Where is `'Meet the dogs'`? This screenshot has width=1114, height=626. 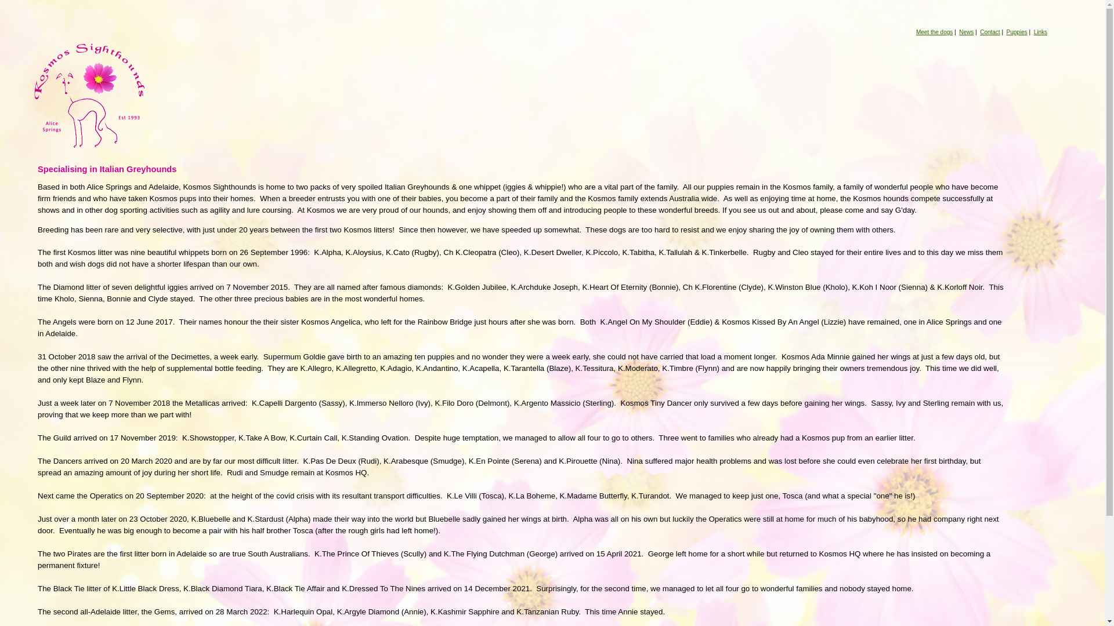 'Meet the dogs' is located at coordinates (934, 31).